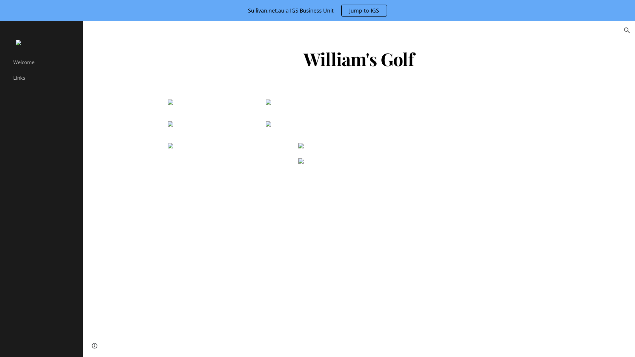 The height and width of the screenshot is (357, 635). Describe the element at coordinates (45, 62) in the screenshot. I see `'Welcome'` at that location.